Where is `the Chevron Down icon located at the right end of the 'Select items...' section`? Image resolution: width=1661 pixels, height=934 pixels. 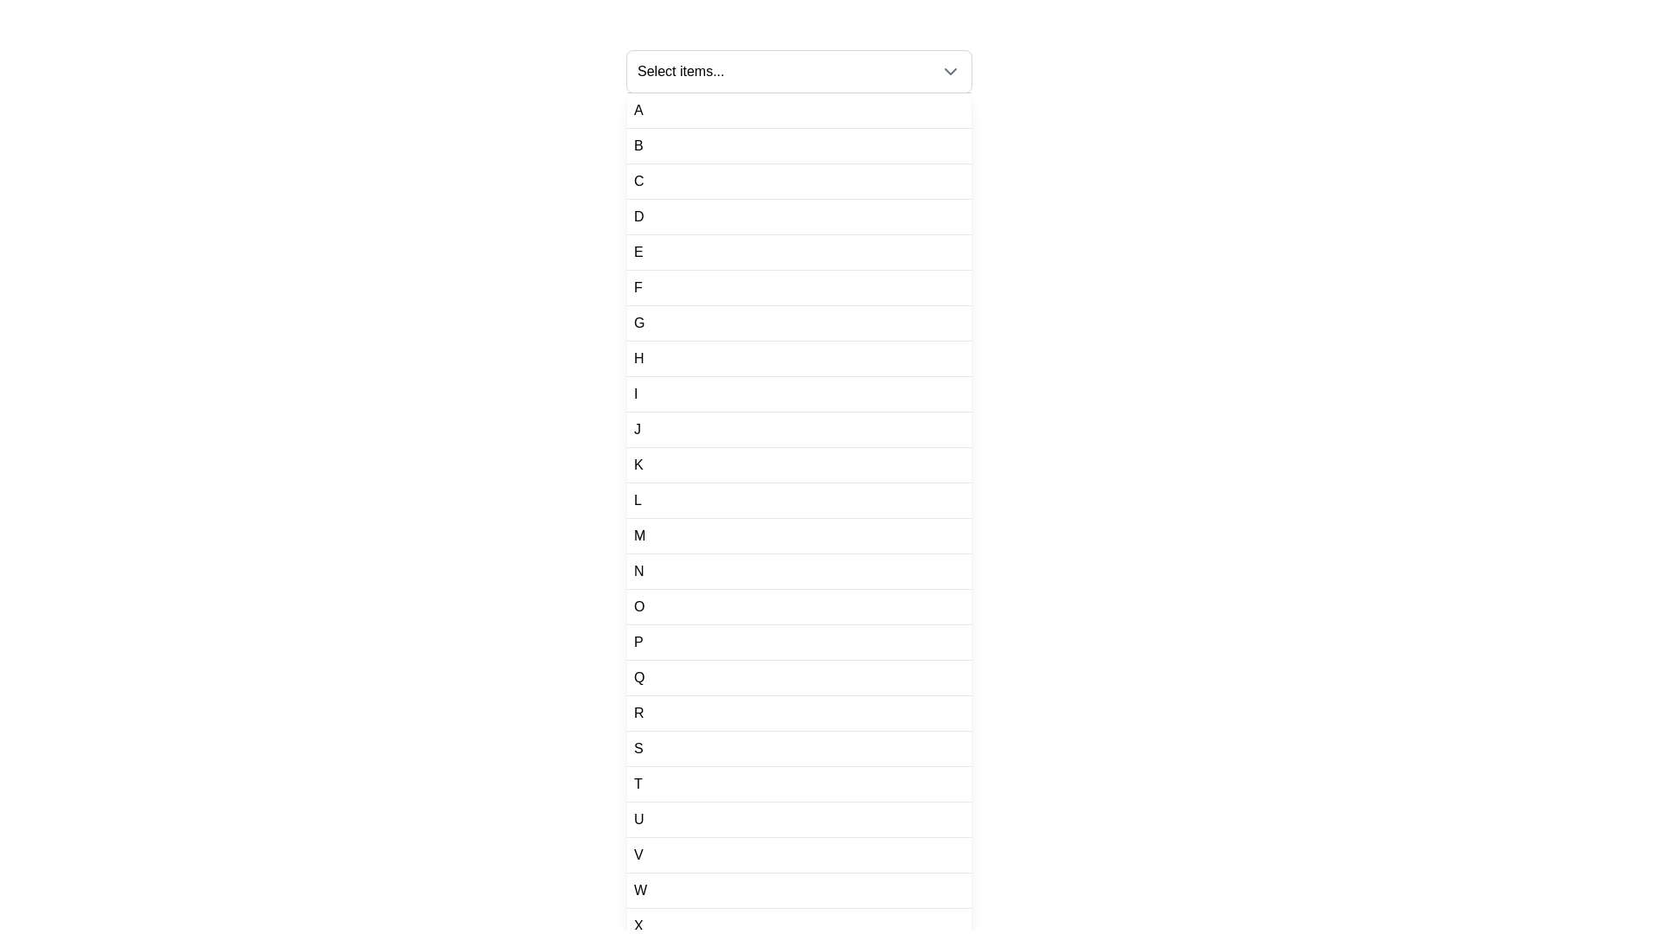
the Chevron Down icon located at the right end of the 'Select items...' section is located at coordinates (950, 71).